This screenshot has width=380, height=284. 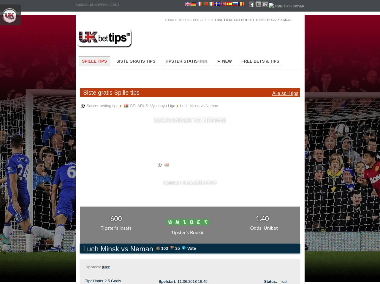 I want to click on 'Spelstart:', so click(x=167, y=281).